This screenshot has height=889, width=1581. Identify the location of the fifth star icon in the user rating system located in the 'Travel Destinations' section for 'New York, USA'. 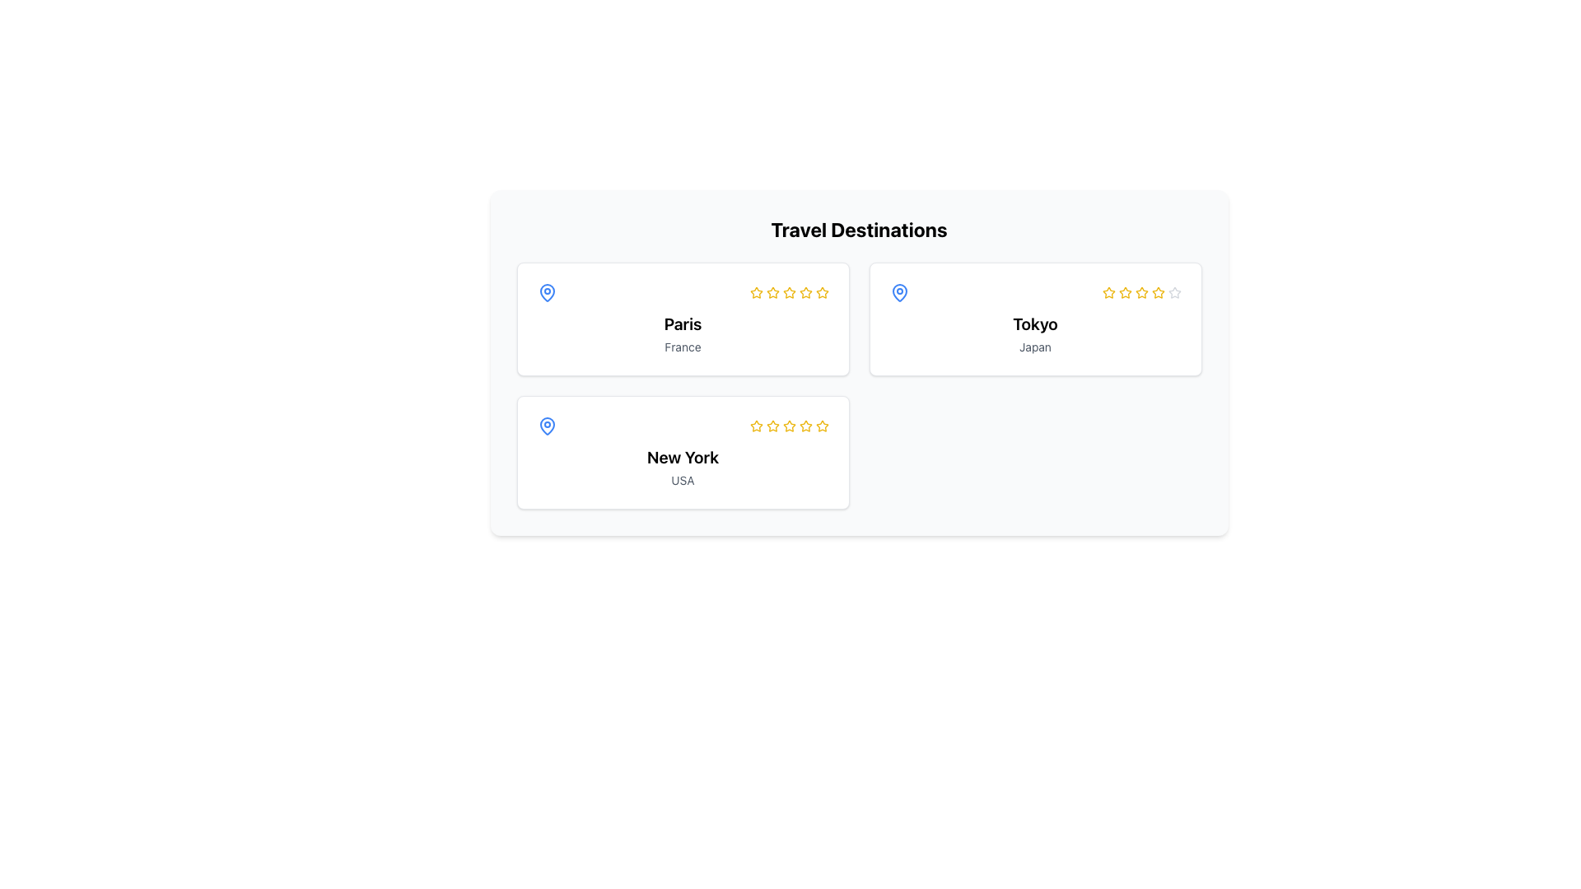
(788, 425).